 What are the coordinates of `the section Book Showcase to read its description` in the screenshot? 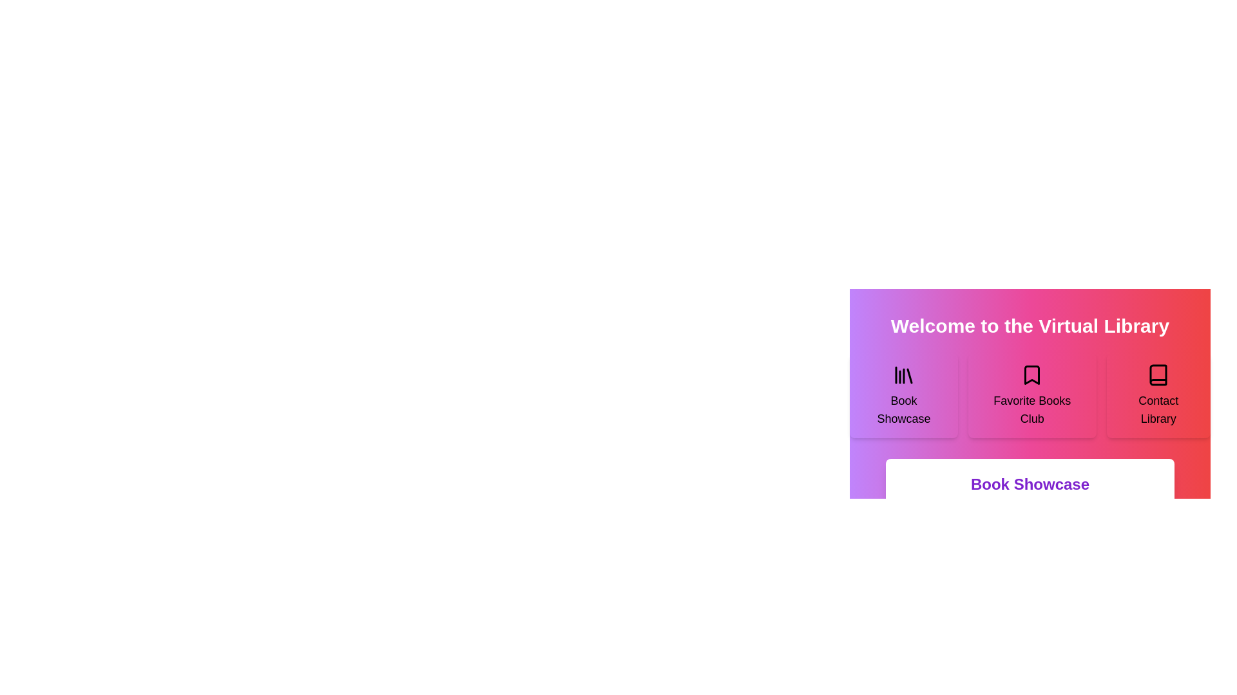 It's located at (903, 394).